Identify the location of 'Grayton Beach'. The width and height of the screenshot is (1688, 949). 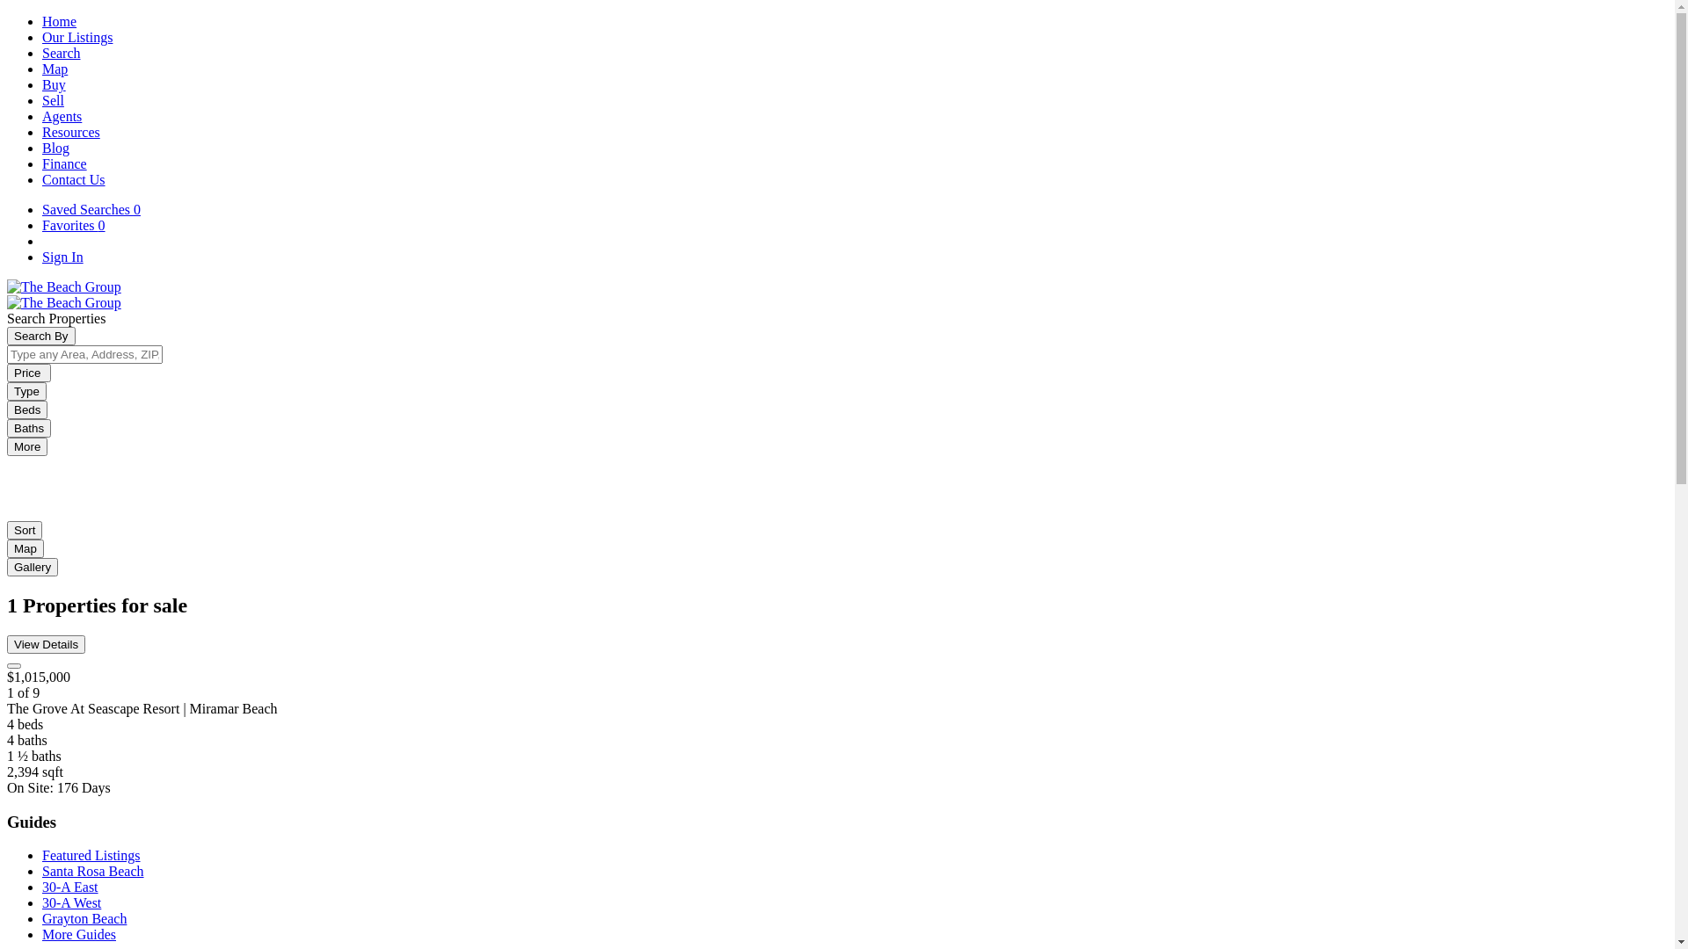
(84, 917).